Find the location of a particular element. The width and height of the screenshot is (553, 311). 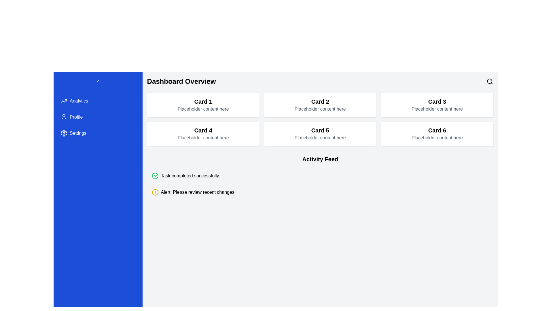

the back navigation icon button located at the top of the blue vertical navigation bar on the left side of the interface is located at coordinates (98, 81).